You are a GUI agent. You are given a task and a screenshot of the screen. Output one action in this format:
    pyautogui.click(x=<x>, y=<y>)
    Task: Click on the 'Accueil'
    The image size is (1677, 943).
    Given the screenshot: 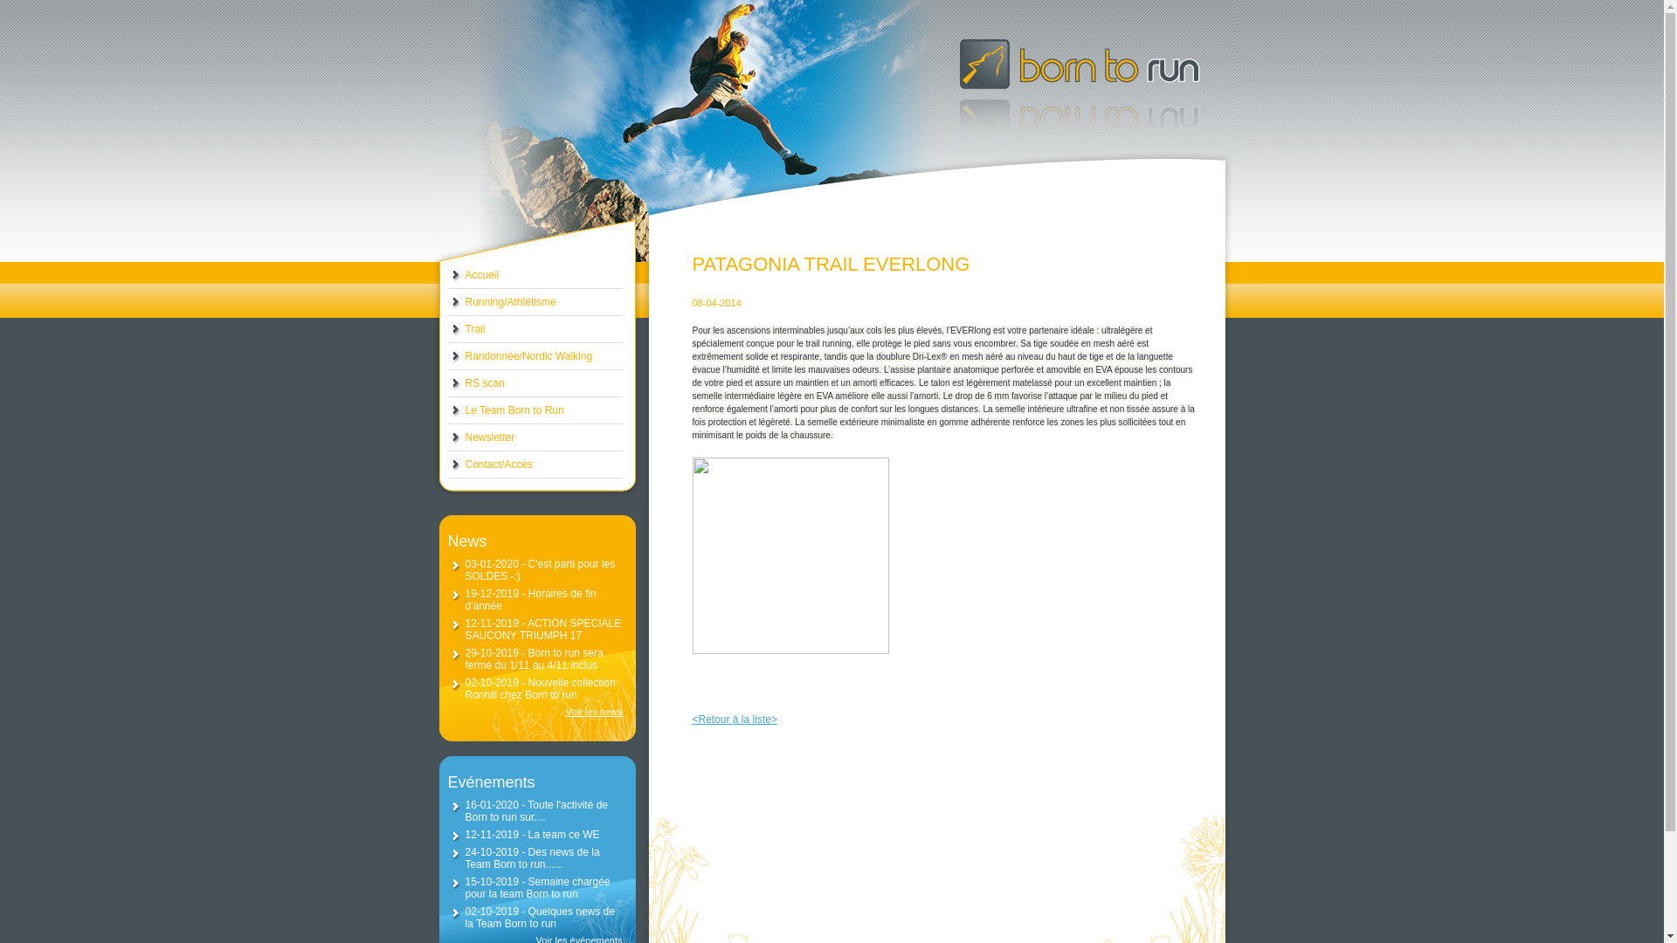 What is the action you would take?
    pyautogui.click(x=533, y=275)
    